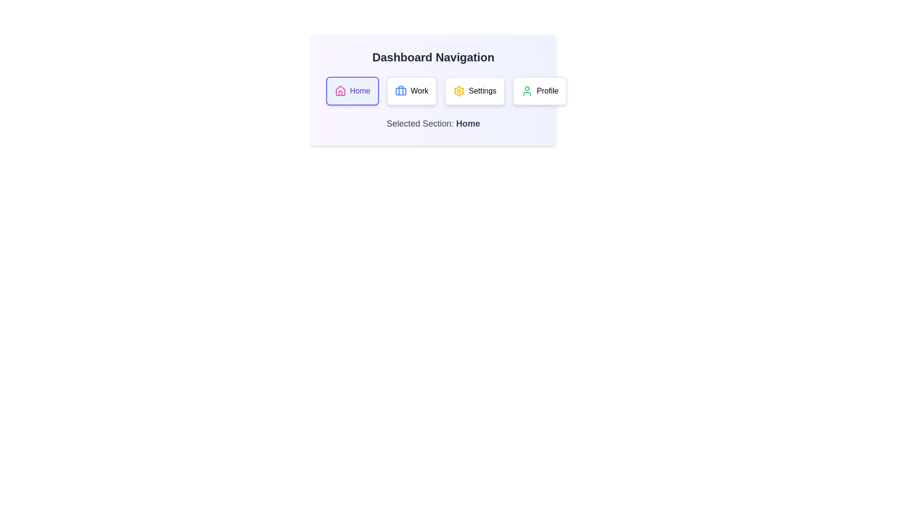 The height and width of the screenshot is (518, 921). I want to click on the yellow gear icon representing settings functionality, which is part of the 'Settings' button on the dashboard, so click(459, 91).